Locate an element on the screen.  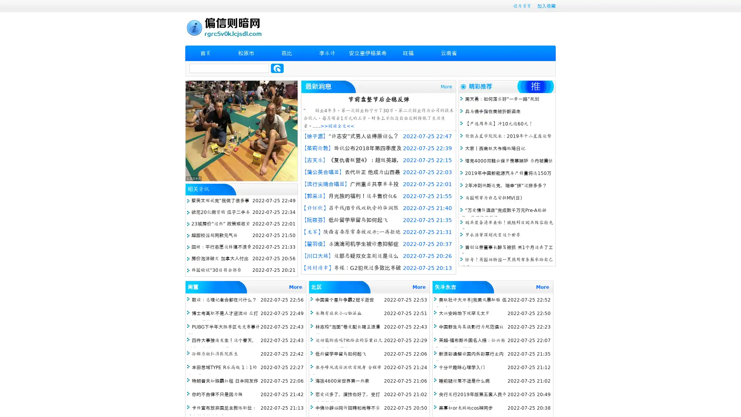
Search is located at coordinates (277, 68).